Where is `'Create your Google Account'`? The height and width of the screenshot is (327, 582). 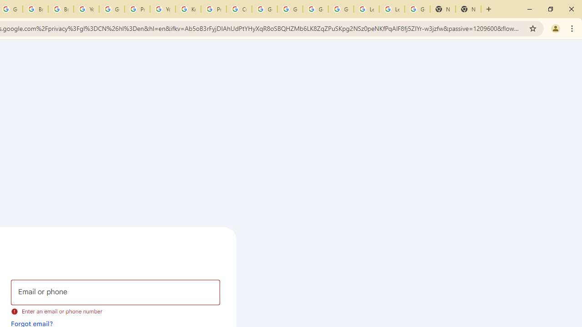
'Create your Google Account' is located at coordinates (239, 9).